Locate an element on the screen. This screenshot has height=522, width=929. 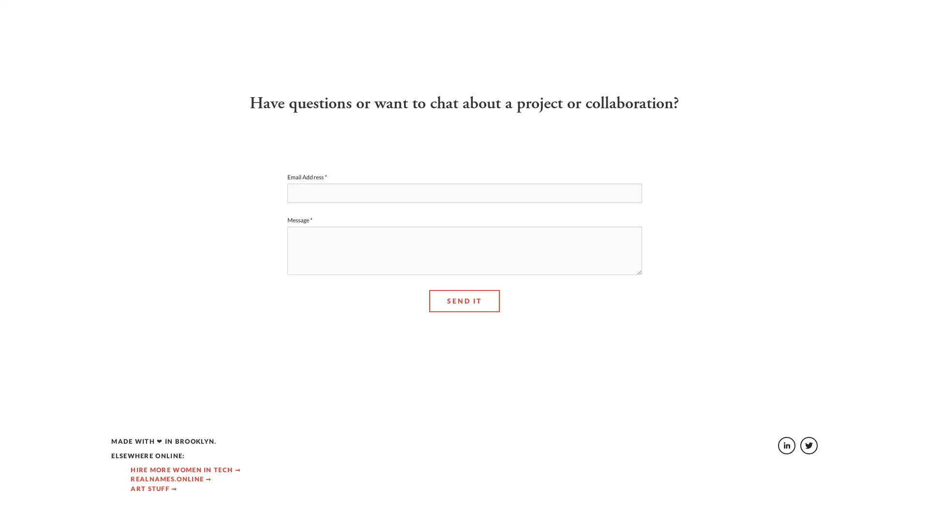
Send It is located at coordinates (464, 344).